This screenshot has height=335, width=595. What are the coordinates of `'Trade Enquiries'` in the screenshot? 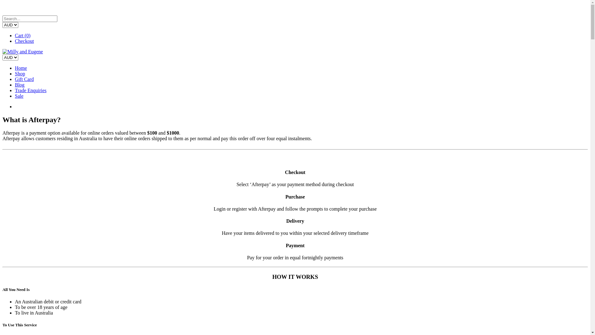 It's located at (15, 90).